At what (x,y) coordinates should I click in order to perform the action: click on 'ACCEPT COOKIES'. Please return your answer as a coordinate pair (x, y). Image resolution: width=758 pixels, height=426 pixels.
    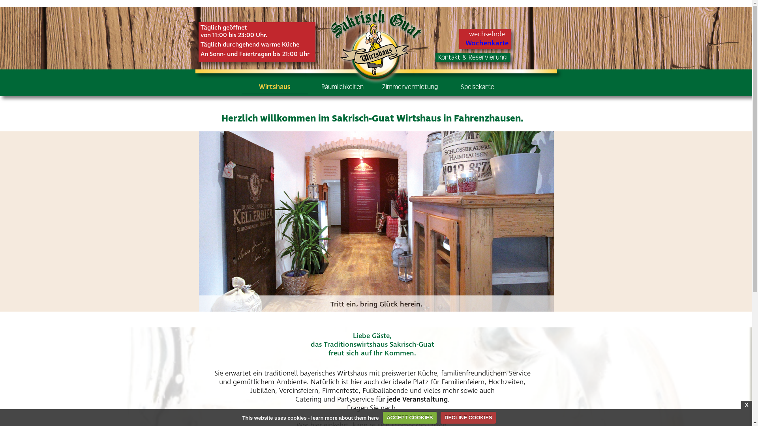
    Looking at the image, I should click on (410, 417).